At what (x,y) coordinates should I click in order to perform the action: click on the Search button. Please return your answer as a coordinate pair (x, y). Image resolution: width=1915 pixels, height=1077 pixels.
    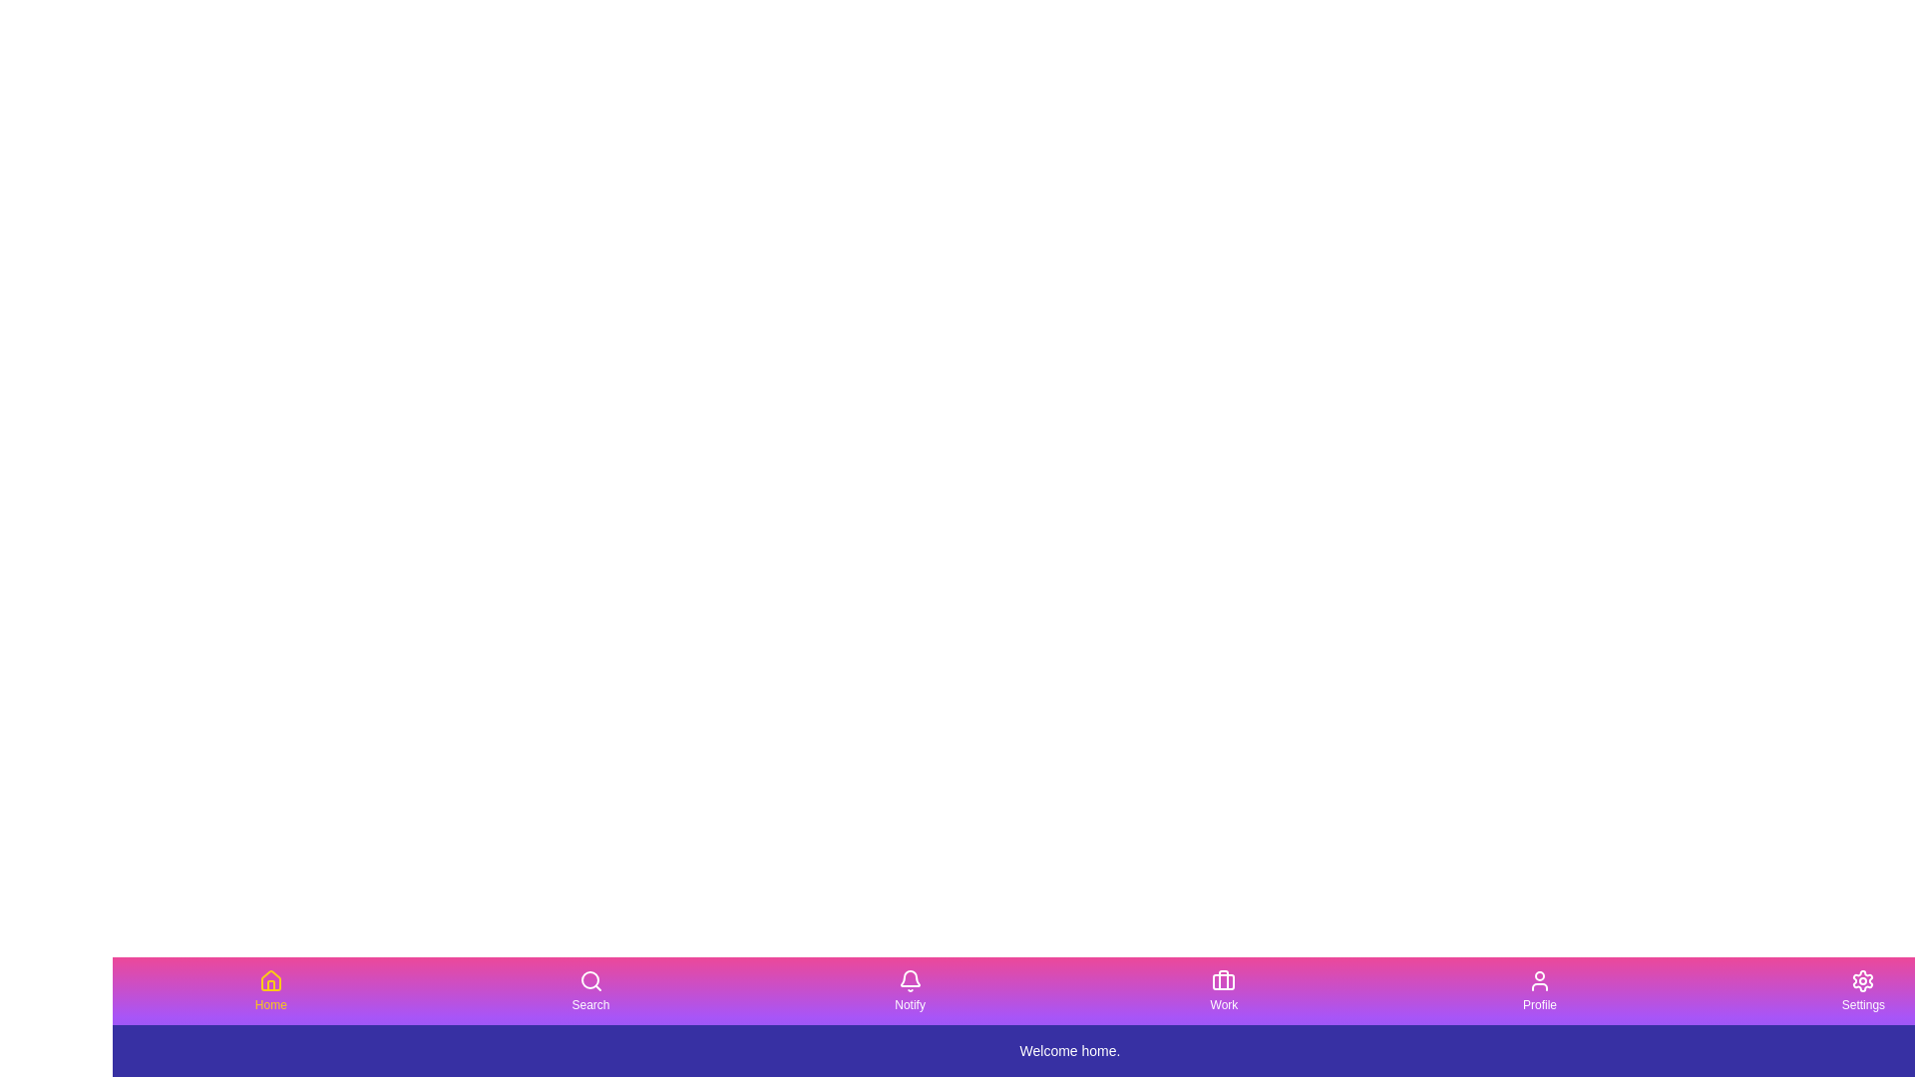
    Looking at the image, I should click on (589, 991).